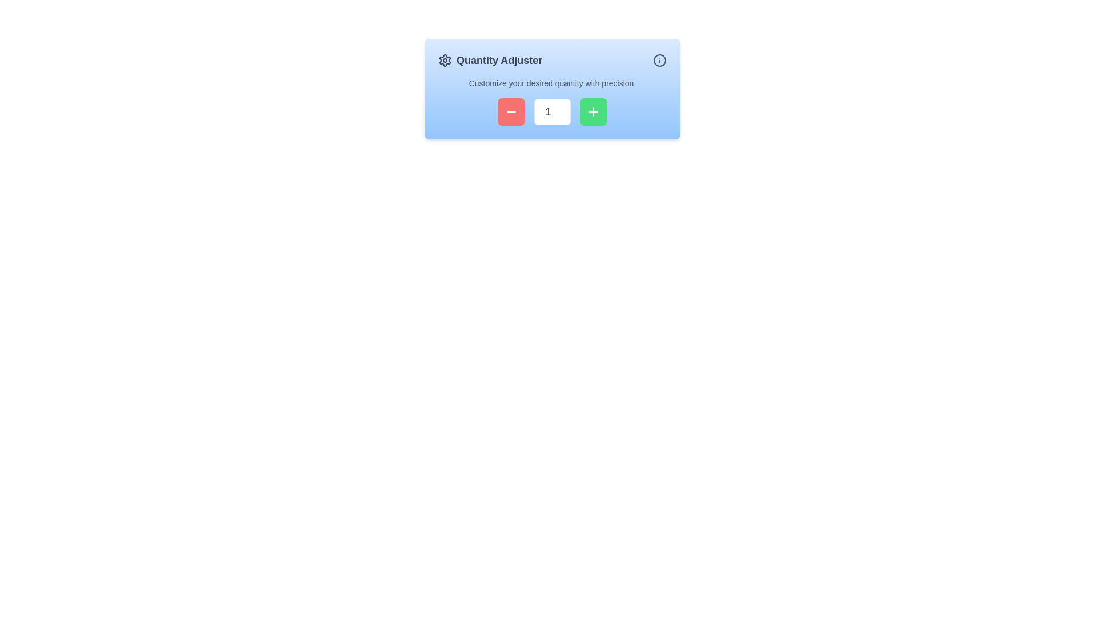 This screenshot has width=1097, height=617. I want to click on descriptive static text label located below the title 'Quantity Adjuster', which provides guidance about the quantity adjustment controls, so click(552, 83).